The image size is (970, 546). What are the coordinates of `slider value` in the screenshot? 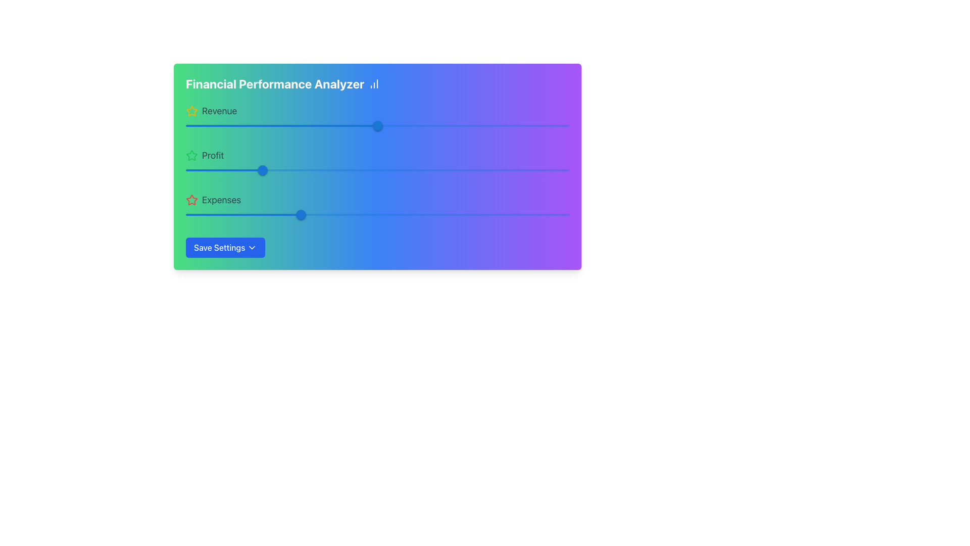 It's located at (259, 169).